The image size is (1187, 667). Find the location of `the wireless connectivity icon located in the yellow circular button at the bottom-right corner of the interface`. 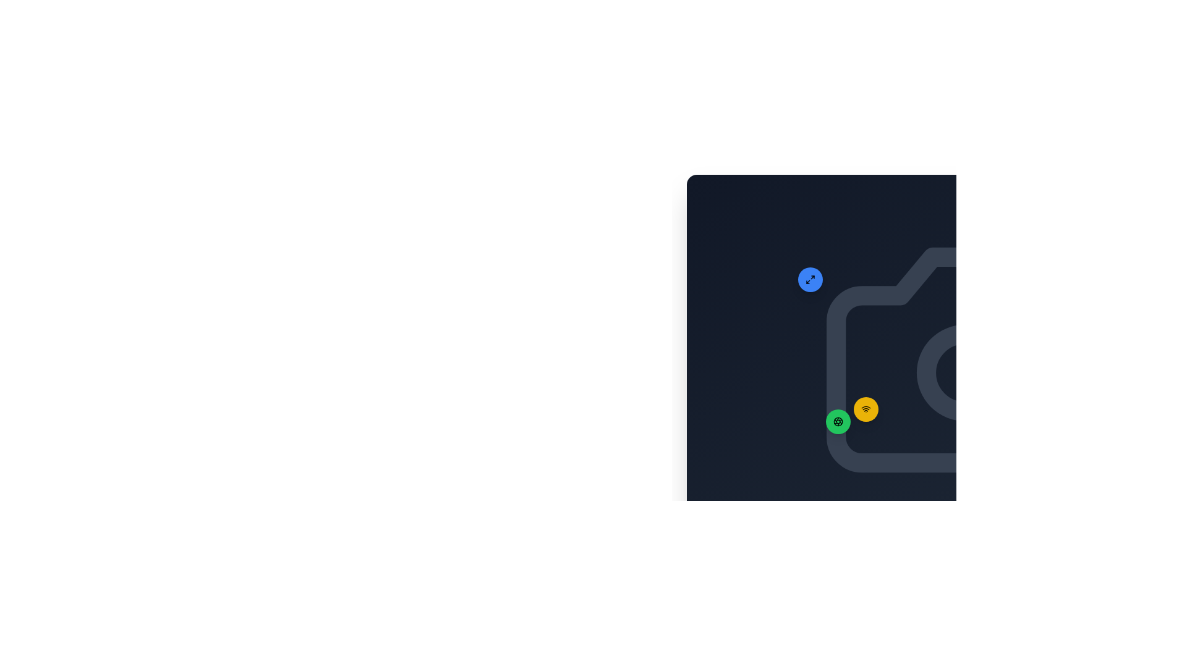

the wireless connectivity icon located in the yellow circular button at the bottom-right corner of the interface is located at coordinates (866, 409).